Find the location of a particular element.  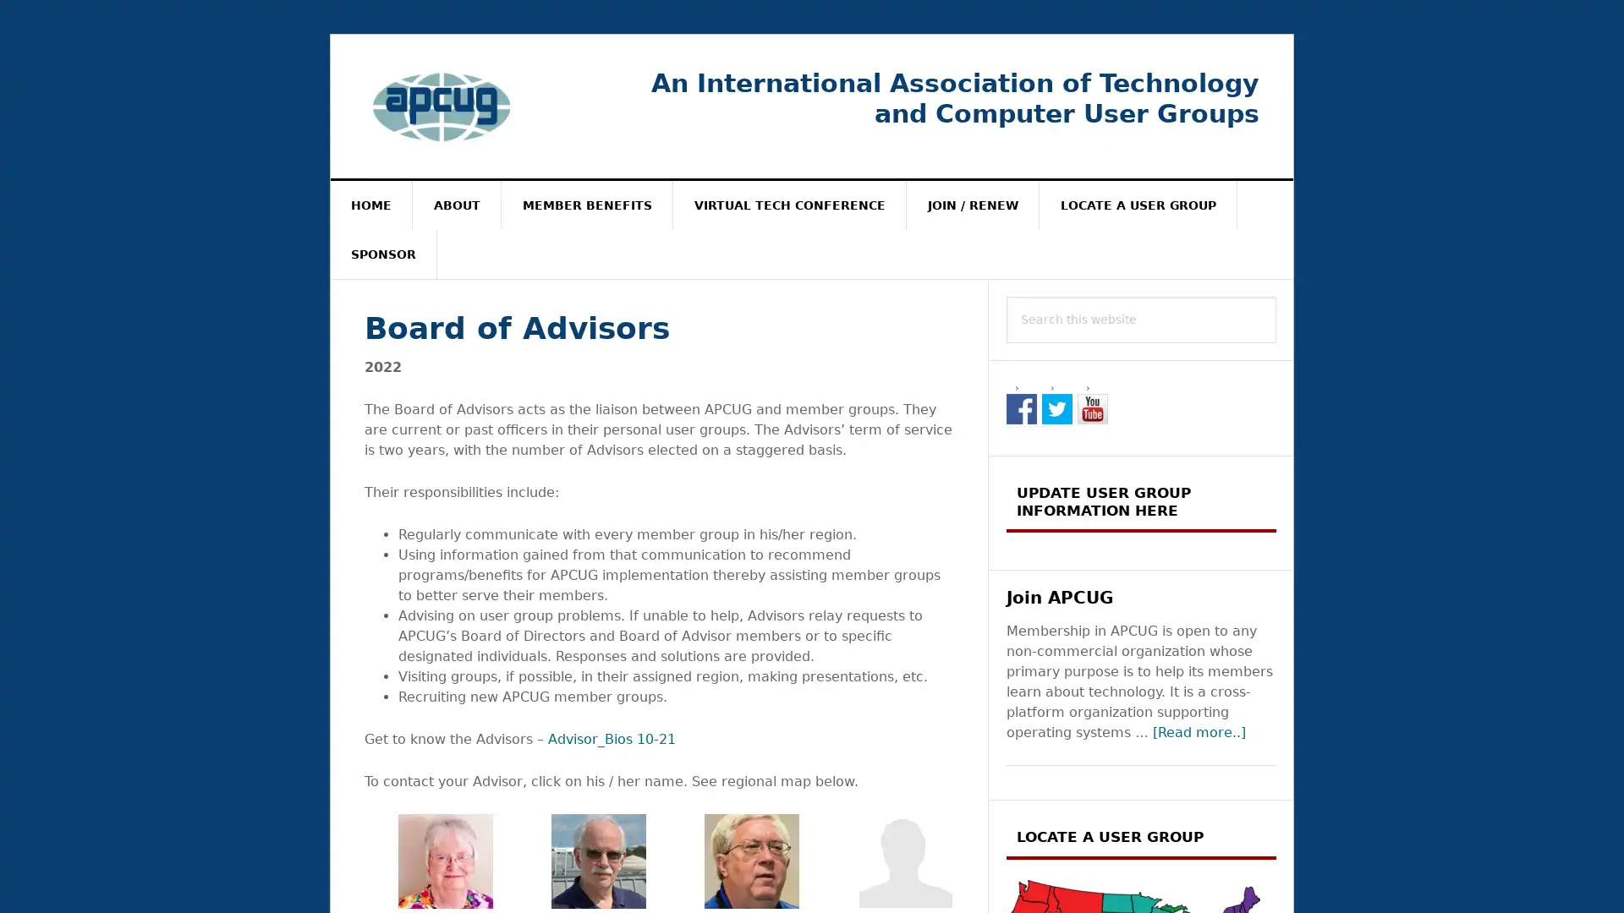

Search is located at coordinates (1276, 295).